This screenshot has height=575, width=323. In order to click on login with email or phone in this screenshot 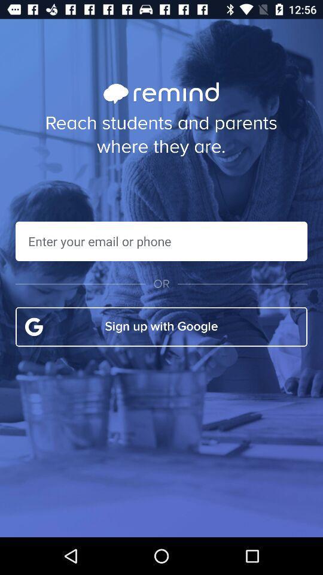, I will do `click(161, 240)`.